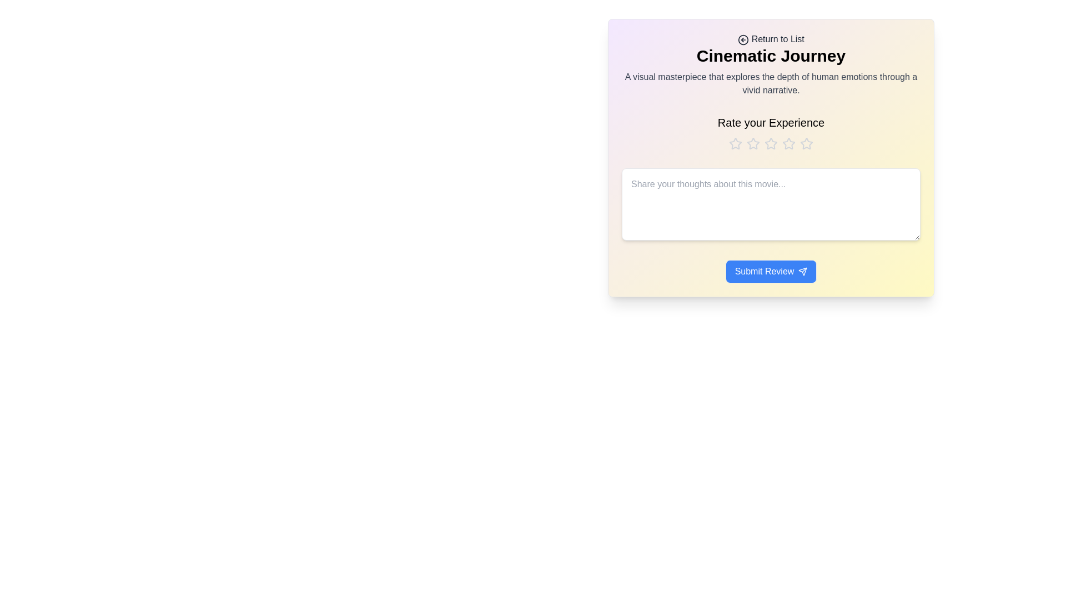 The height and width of the screenshot is (600, 1066). I want to click on the small paper airplane icon located inside the 'Submit Review' button, so click(803, 272).